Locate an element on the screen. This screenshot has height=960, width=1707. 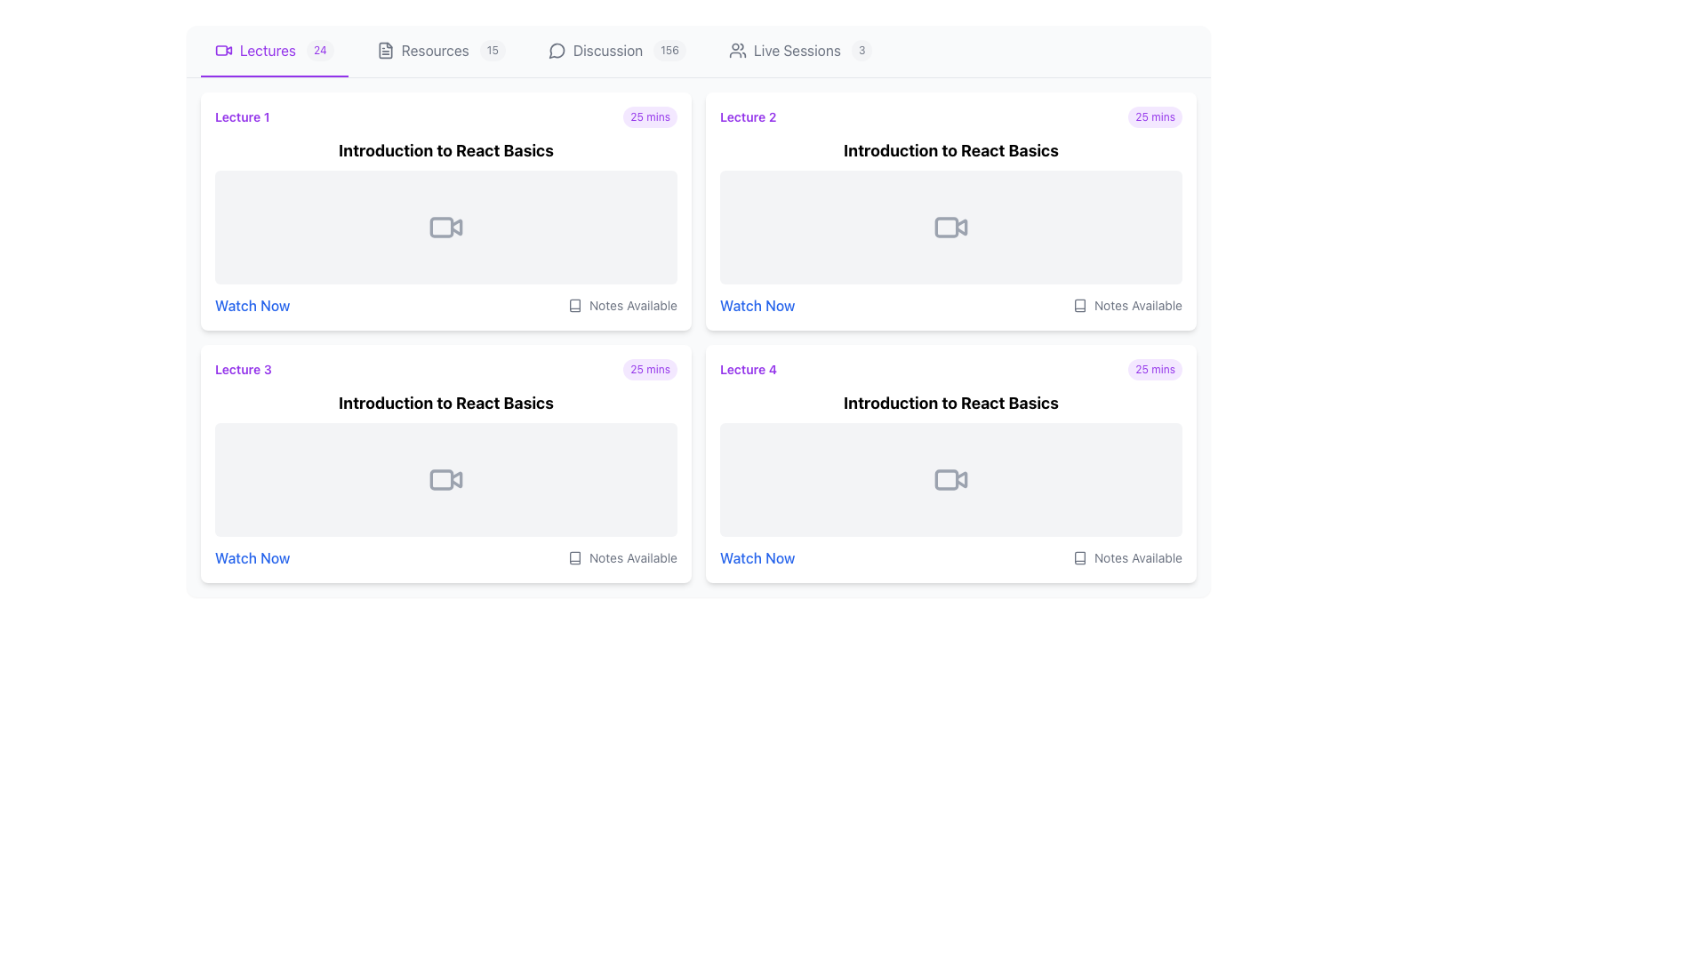
the static text label that serves as the title of the lecture, positioned beneath the 'Lecture 2' identifier and above the video icon is located at coordinates (950, 149).